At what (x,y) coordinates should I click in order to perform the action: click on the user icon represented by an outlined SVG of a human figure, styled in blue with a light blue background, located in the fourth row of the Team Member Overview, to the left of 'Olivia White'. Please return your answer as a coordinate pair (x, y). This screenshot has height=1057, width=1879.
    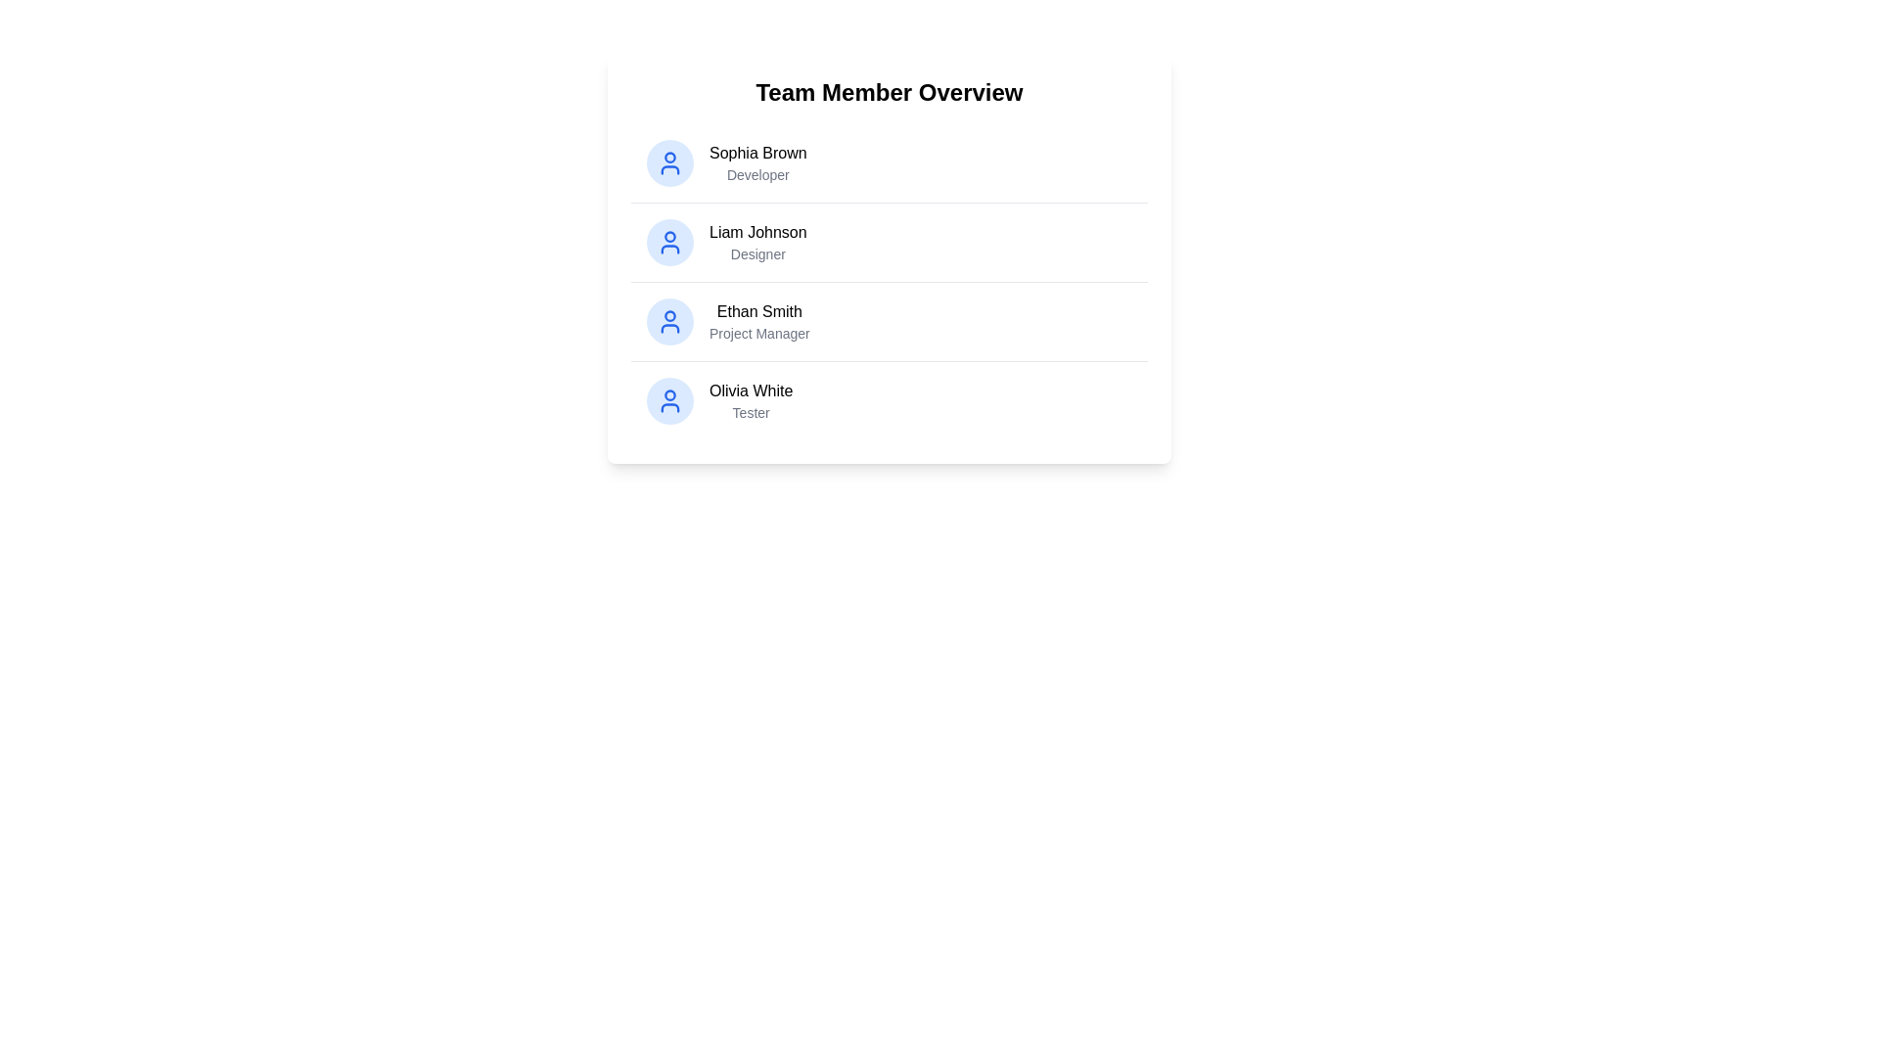
    Looking at the image, I should click on (670, 399).